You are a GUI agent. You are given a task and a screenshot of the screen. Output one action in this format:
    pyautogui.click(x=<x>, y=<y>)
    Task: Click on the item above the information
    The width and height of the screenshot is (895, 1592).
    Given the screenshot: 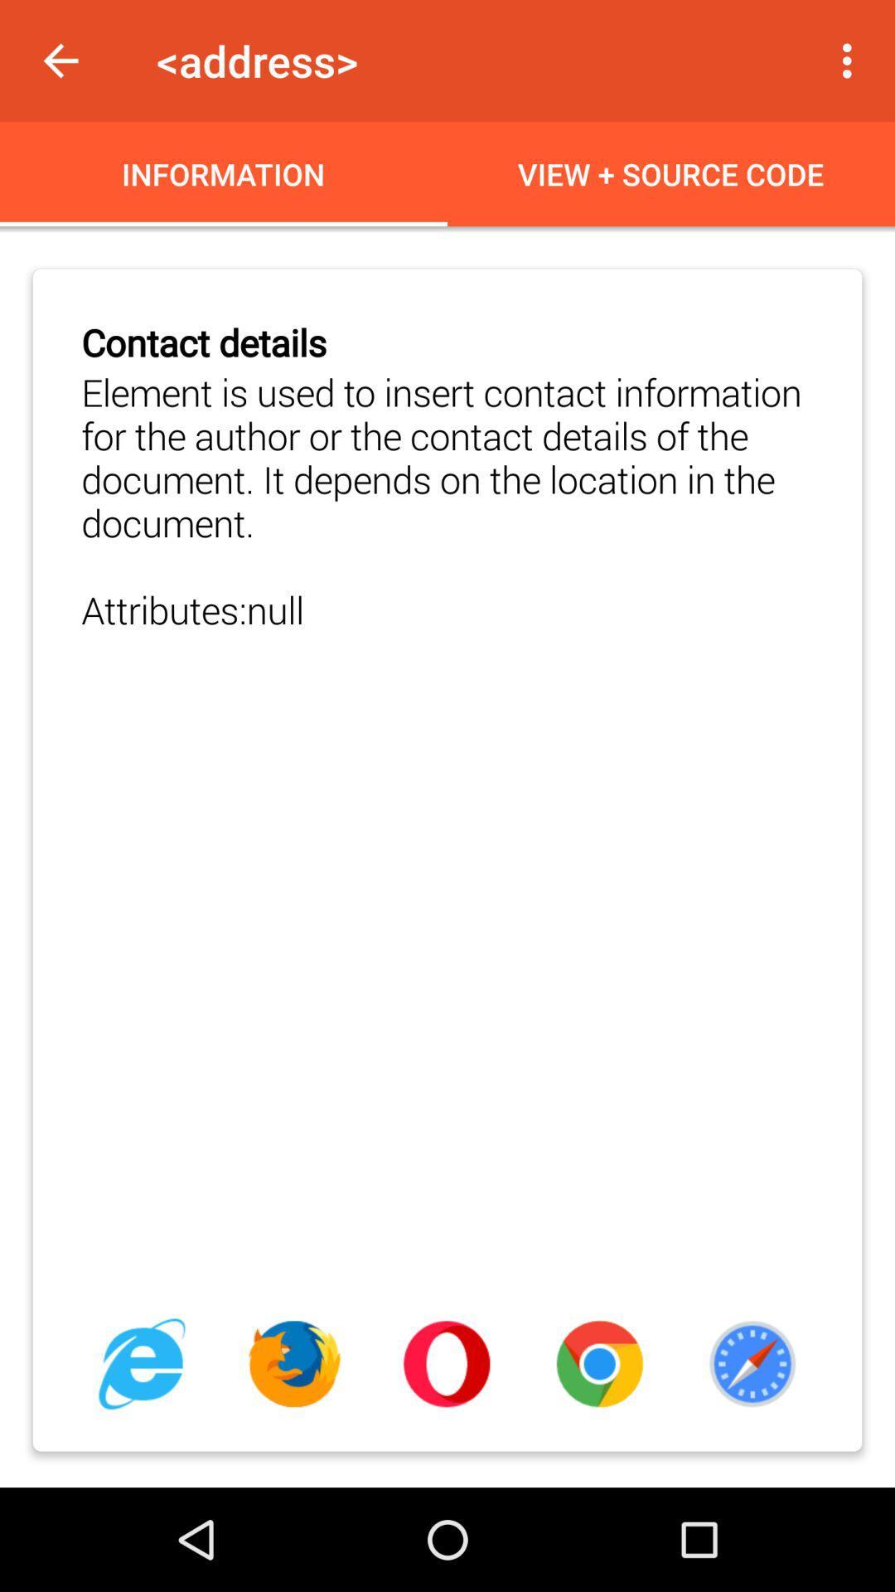 What is the action you would take?
    pyautogui.click(x=60, y=61)
    